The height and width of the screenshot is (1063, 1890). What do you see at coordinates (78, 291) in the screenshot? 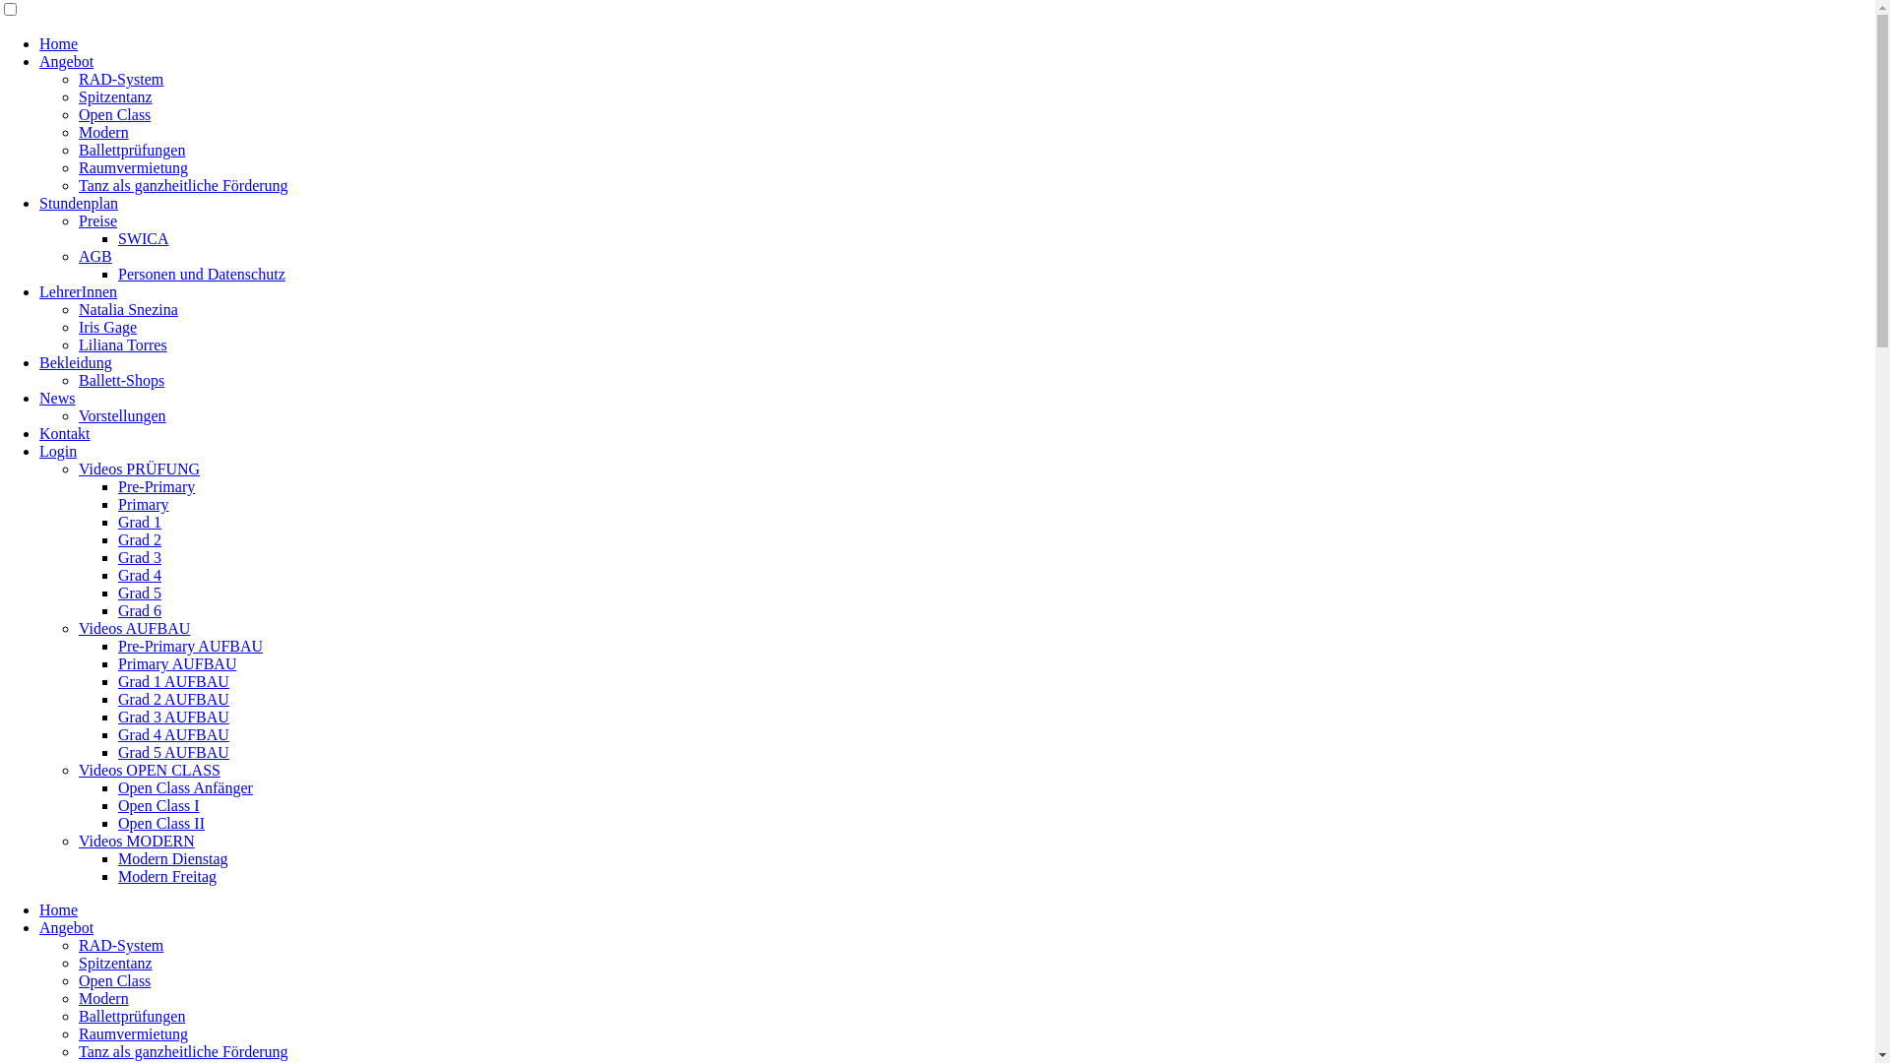
I see `'LehrerInnen'` at bounding box center [78, 291].